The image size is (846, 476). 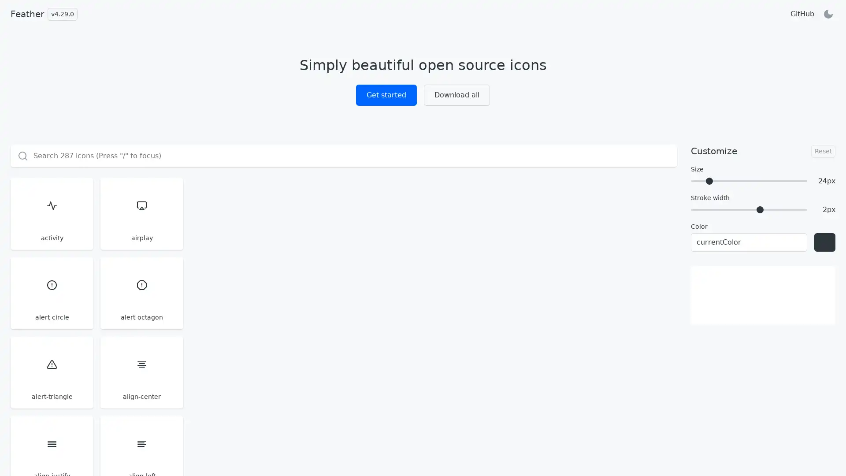 What do you see at coordinates (418, 372) in the screenshot?
I see `arrow-up` at bounding box center [418, 372].